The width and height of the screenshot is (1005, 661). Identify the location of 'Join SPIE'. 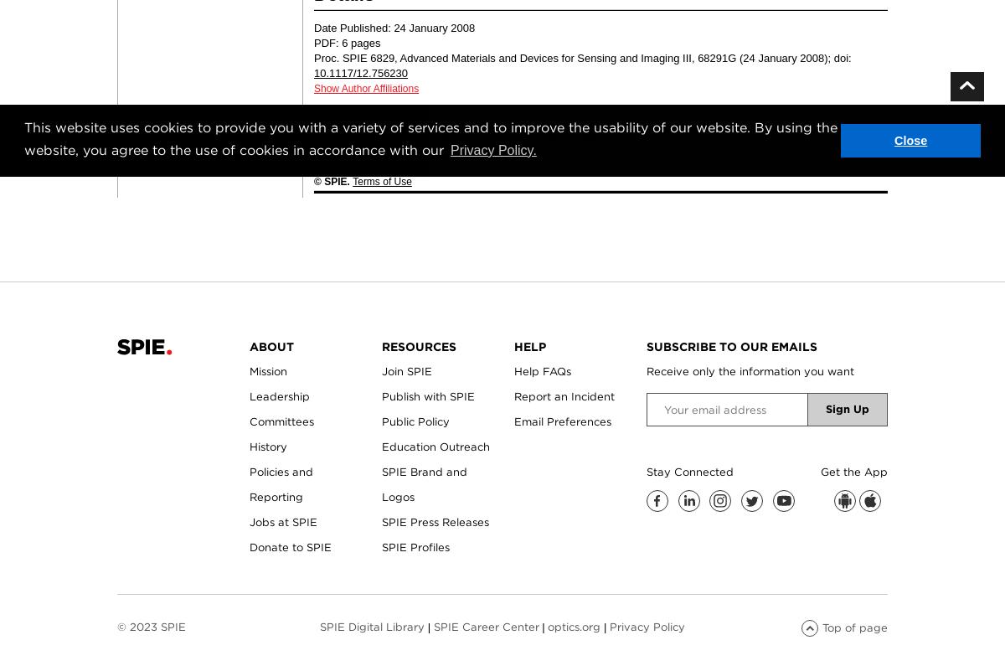
(406, 371).